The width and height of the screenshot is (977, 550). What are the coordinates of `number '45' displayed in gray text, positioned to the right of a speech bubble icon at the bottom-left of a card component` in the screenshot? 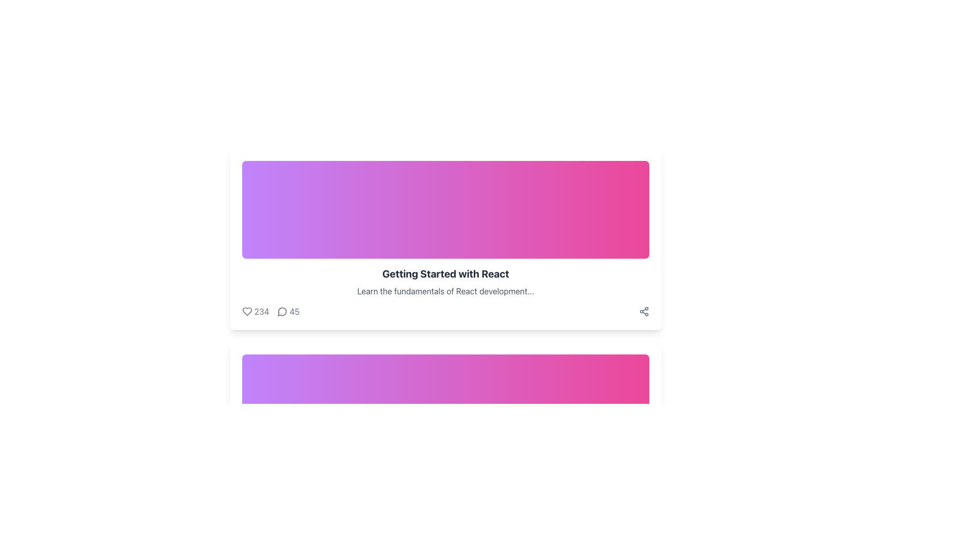 It's located at (294, 311).